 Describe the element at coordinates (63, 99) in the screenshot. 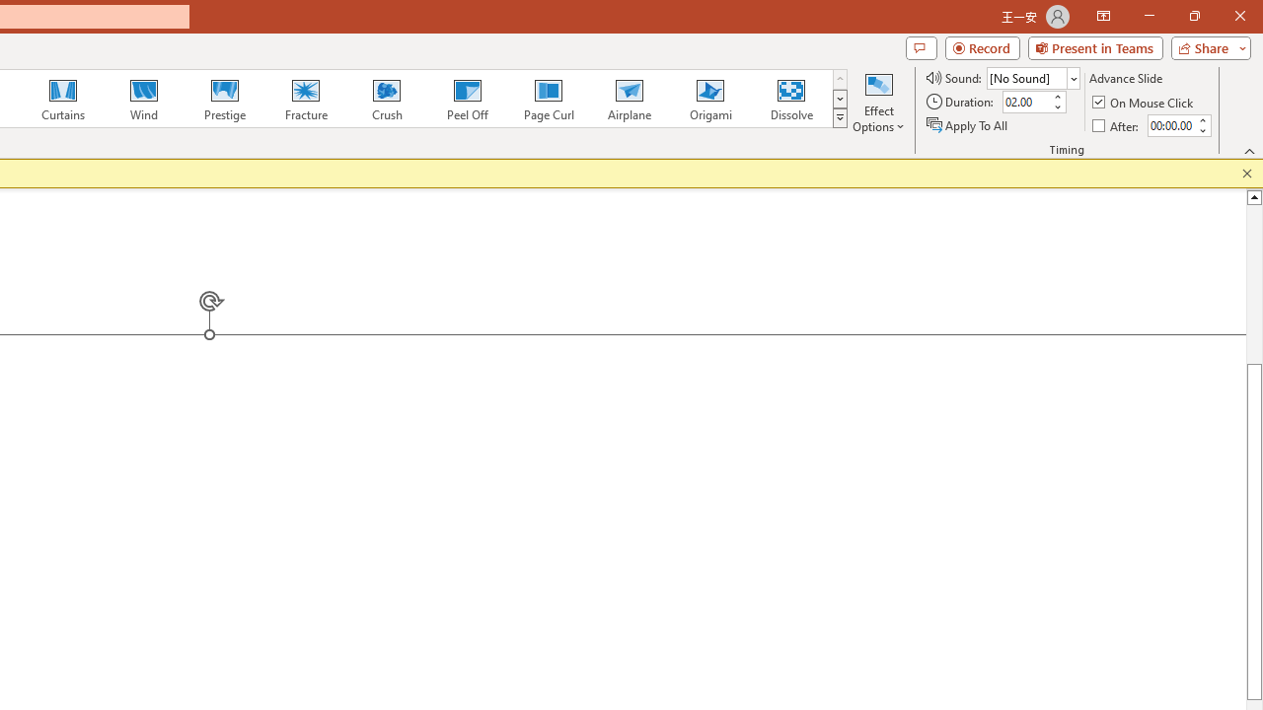

I see `'Curtains'` at that location.